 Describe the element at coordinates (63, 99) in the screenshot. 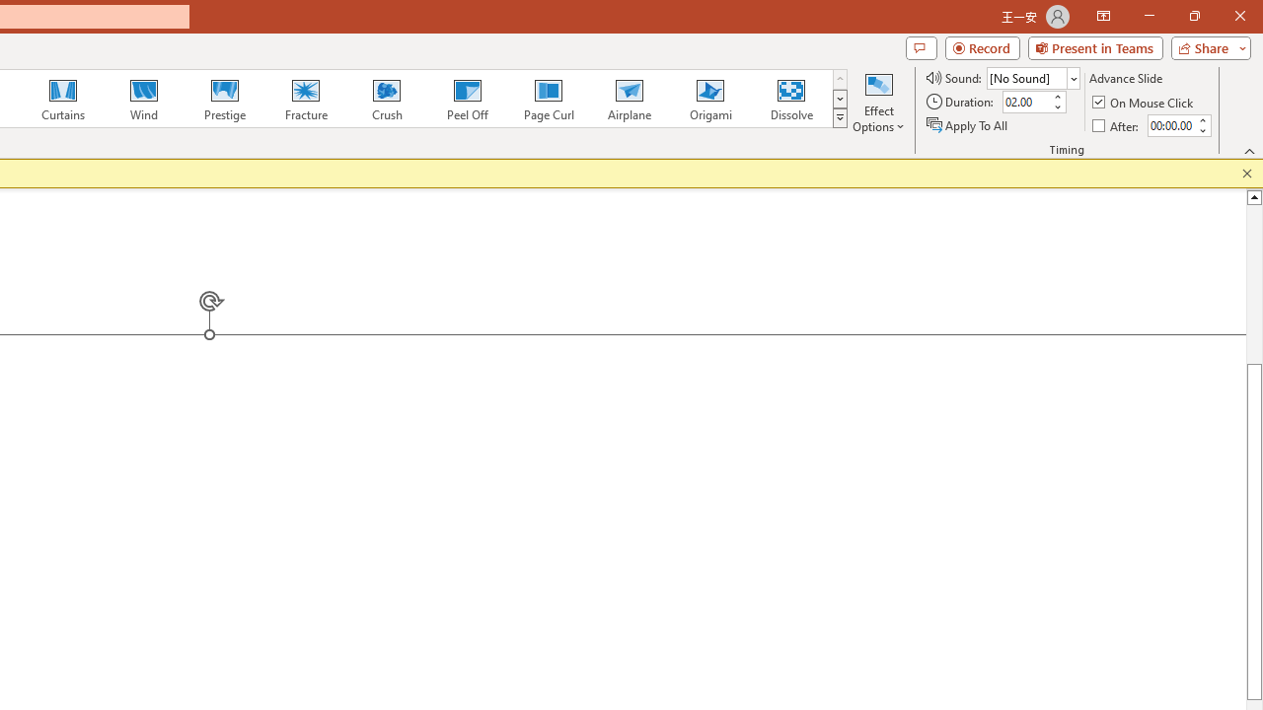

I see `'Curtains'` at that location.